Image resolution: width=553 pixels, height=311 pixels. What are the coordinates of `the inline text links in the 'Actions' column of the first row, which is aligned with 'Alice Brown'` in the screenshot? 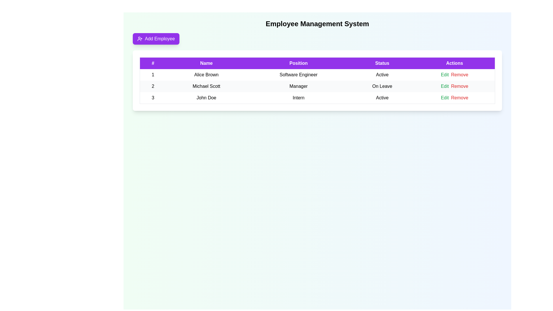 It's located at (454, 74).